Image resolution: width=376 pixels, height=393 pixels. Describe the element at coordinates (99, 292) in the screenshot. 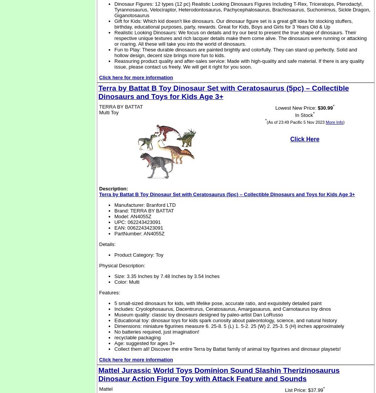

I see `'Features:'` at that location.